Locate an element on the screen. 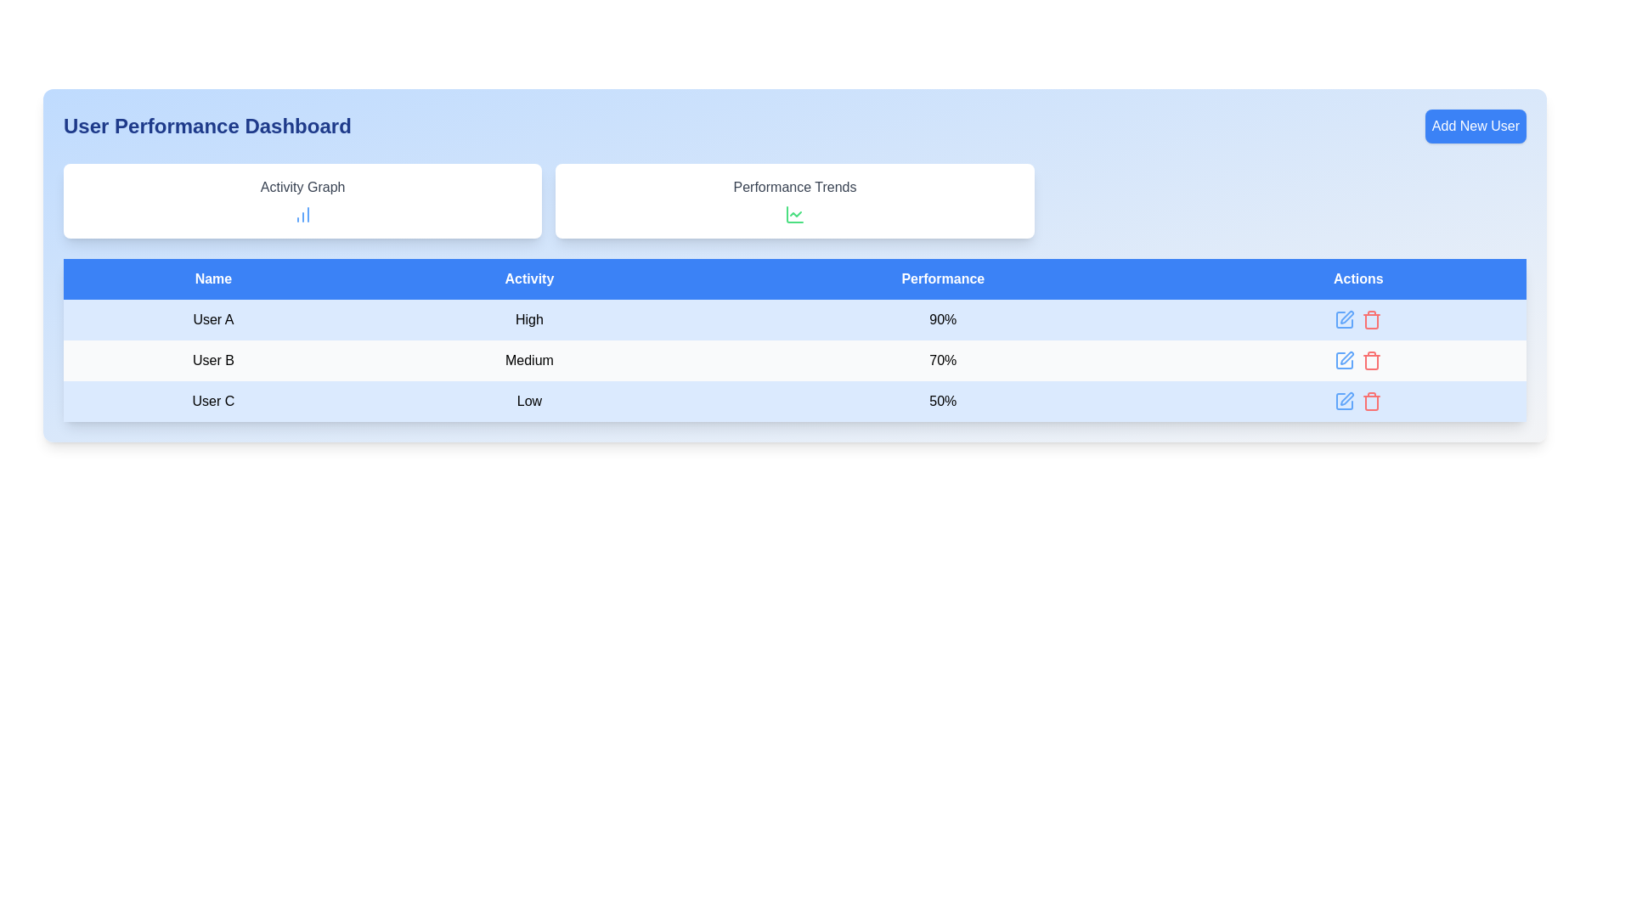  the text label displaying '70%' in bold, black font, located in the third column of the second row under the 'Performance' header in a table is located at coordinates (942, 359).